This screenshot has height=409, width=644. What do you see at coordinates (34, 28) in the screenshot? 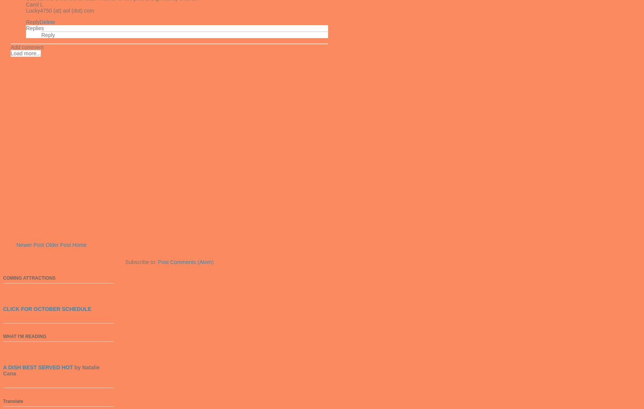
I see `'Replies'` at bounding box center [34, 28].